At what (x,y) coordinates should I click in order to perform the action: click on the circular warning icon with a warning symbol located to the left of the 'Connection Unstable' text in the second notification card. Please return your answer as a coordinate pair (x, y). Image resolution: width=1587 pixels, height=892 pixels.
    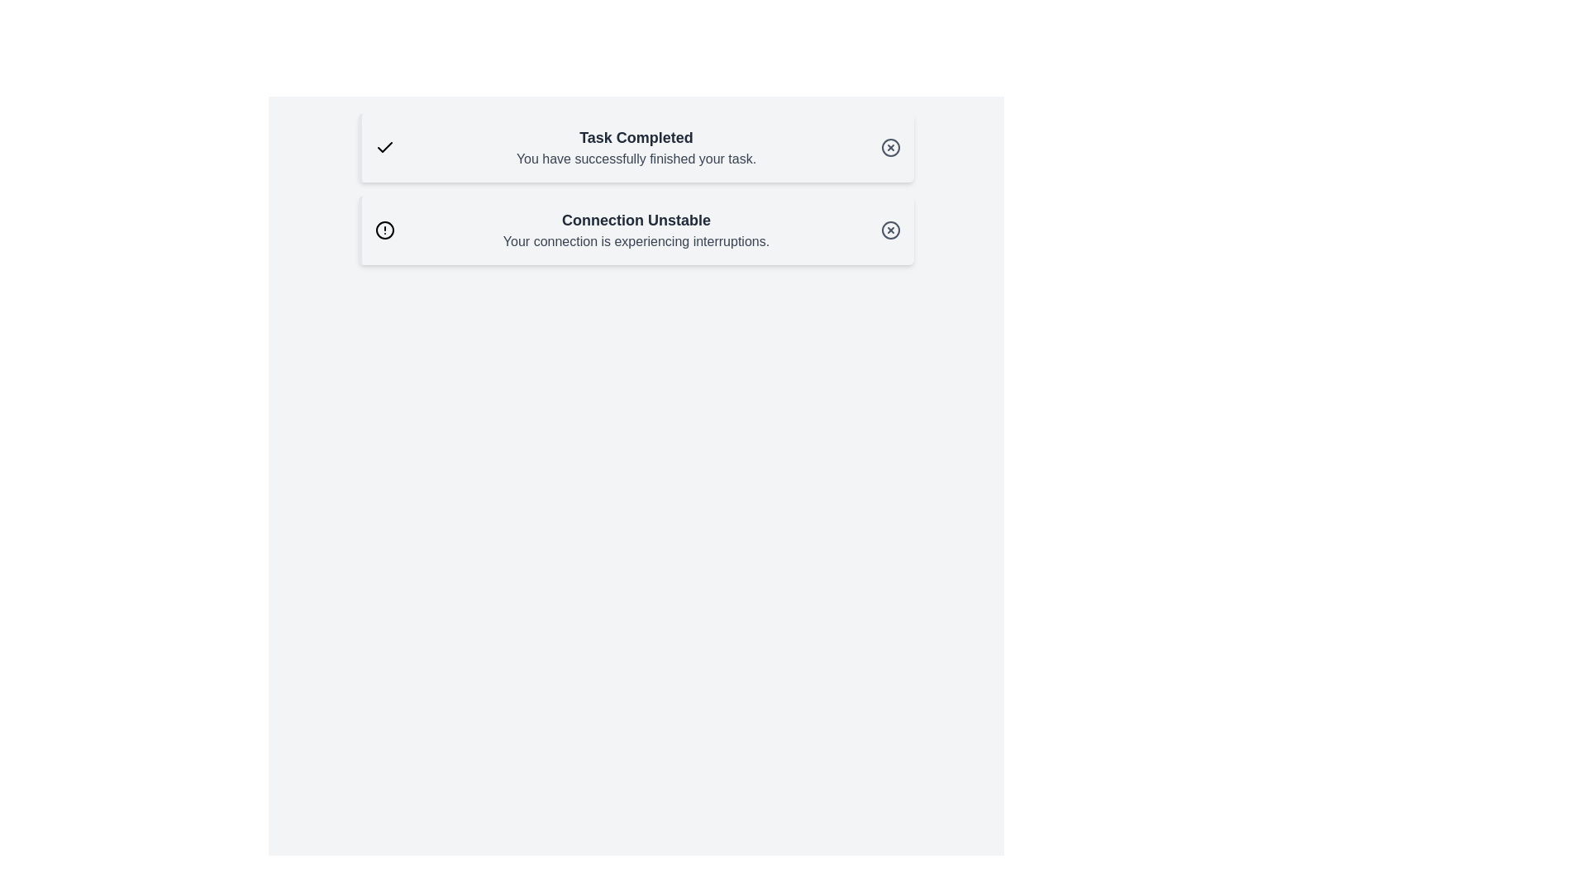
    Looking at the image, I should click on (384, 230).